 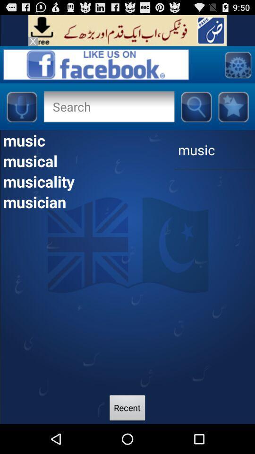 I want to click on settings, so click(x=237, y=64).